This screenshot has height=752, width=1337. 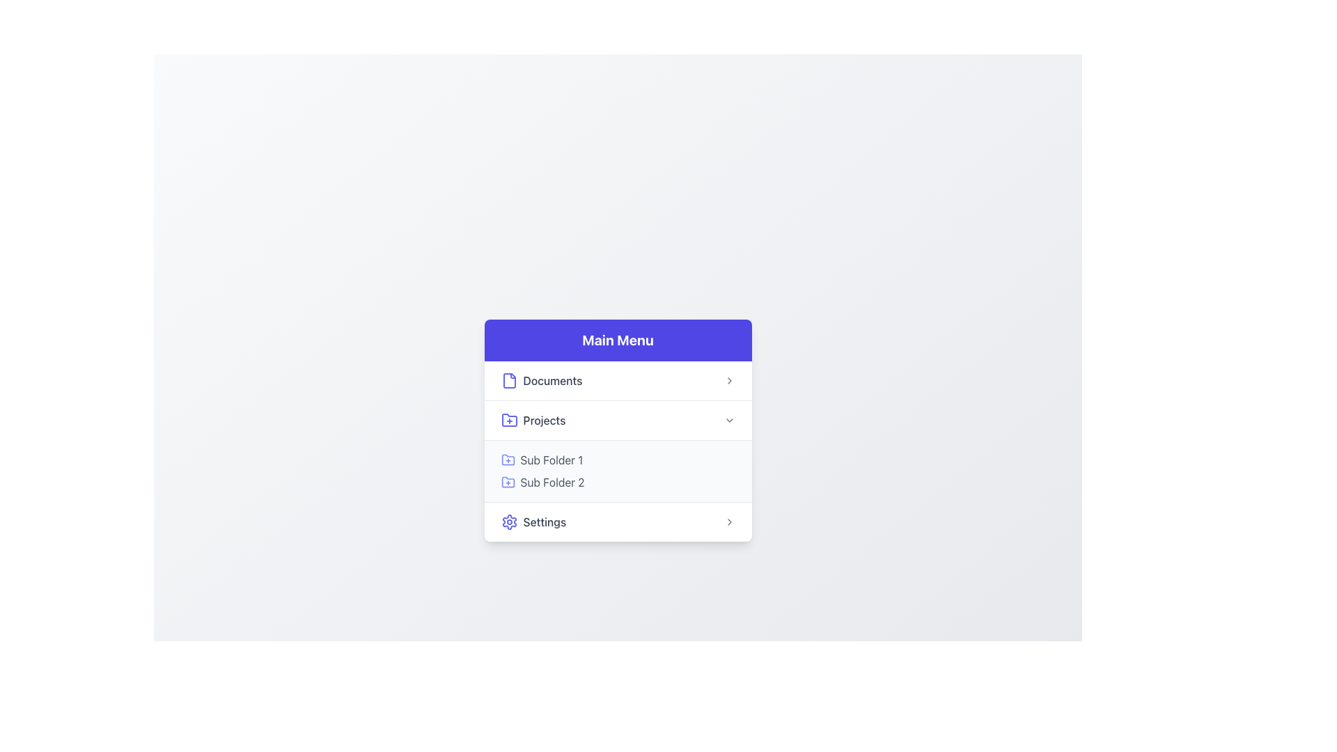 I want to click on the downward-pointing gray chevron icon, so click(x=728, y=419).